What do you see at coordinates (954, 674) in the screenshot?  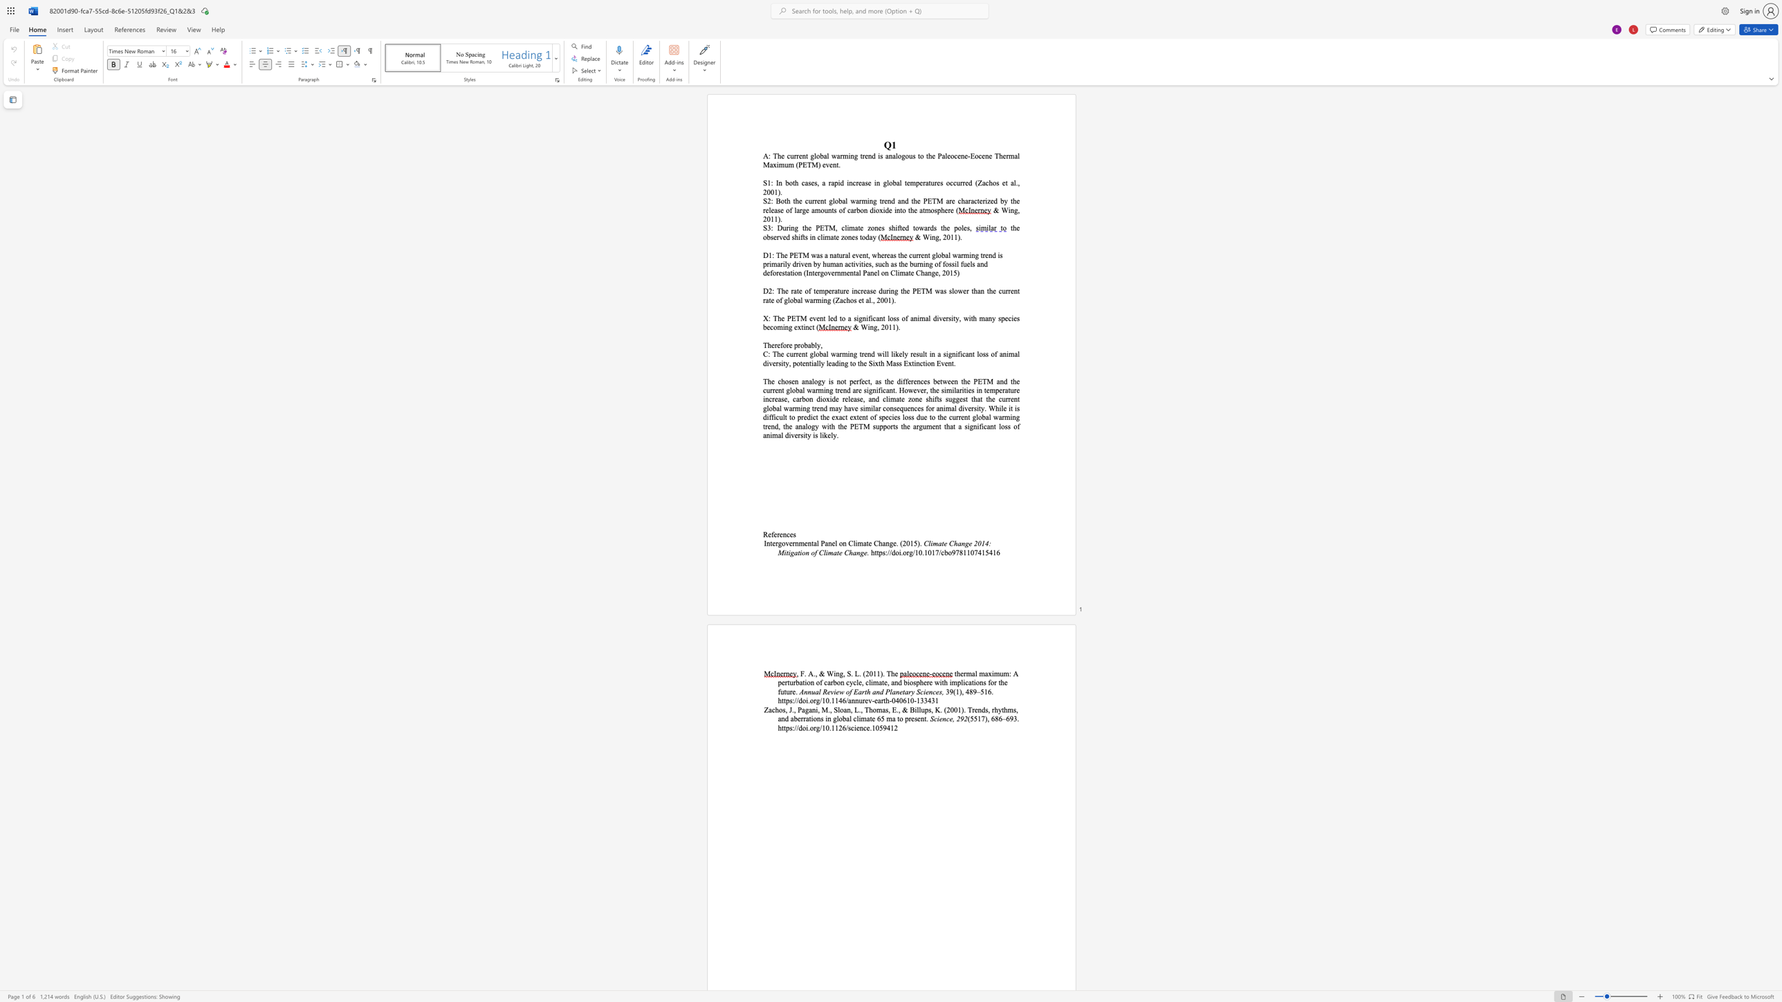 I see `the subset text "ther" within the text "thermal maximum: A perturbation of carbon cycle, cl"` at bounding box center [954, 674].